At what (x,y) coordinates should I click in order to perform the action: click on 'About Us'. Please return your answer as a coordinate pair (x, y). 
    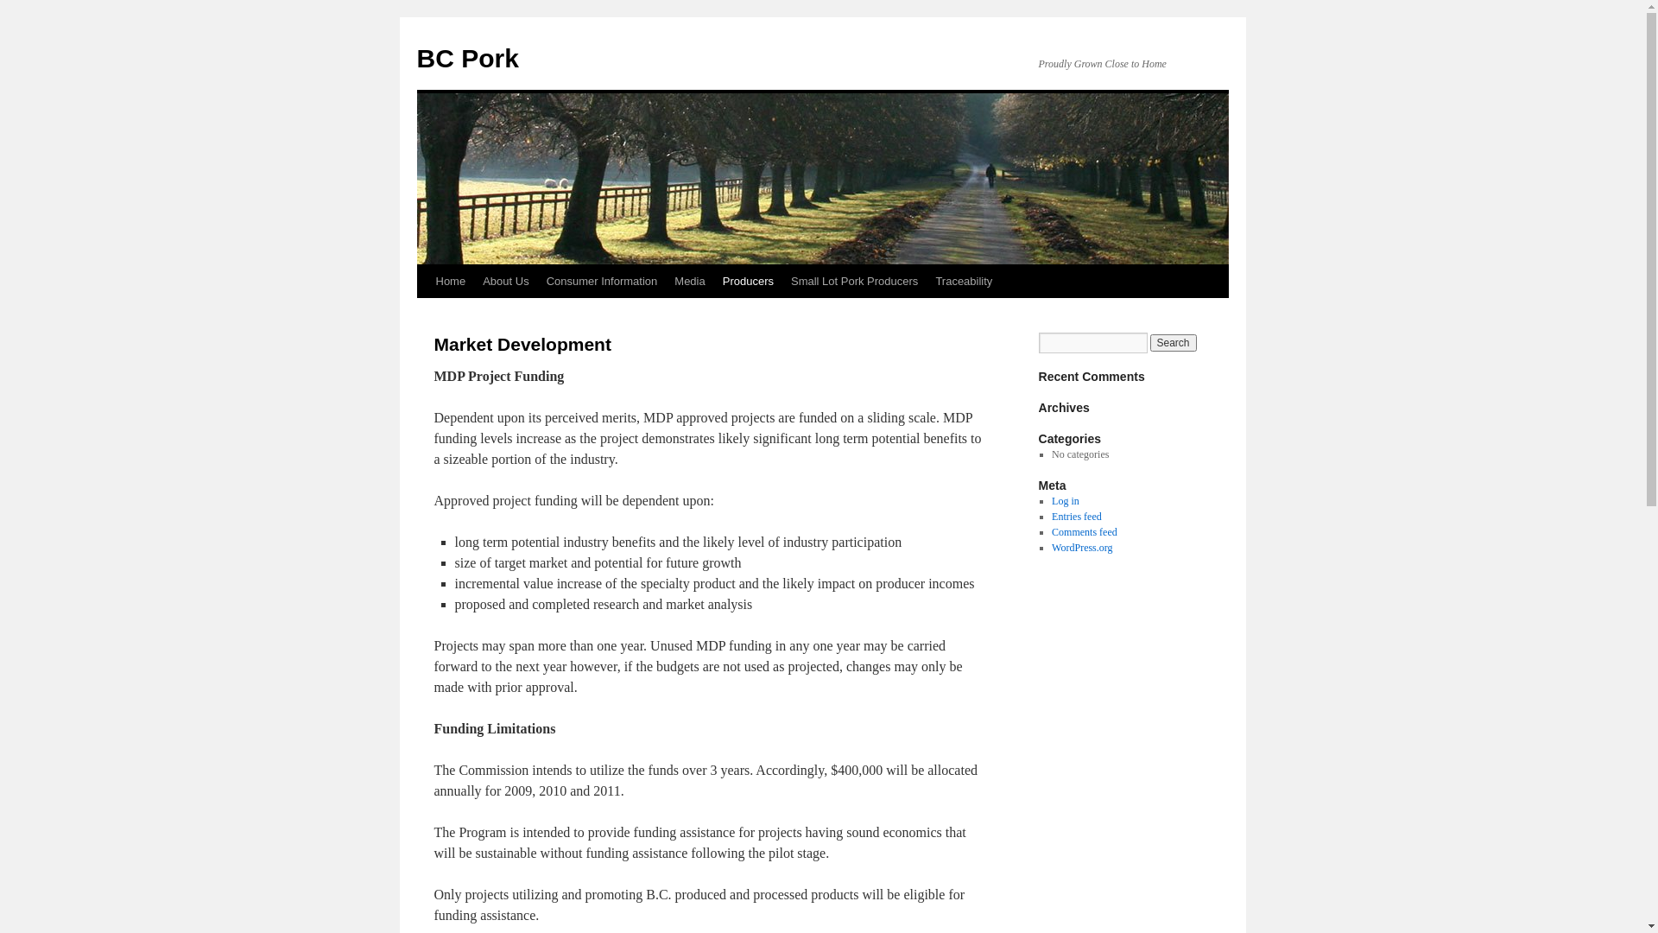
    Looking at the image, I should click on (504, 281).